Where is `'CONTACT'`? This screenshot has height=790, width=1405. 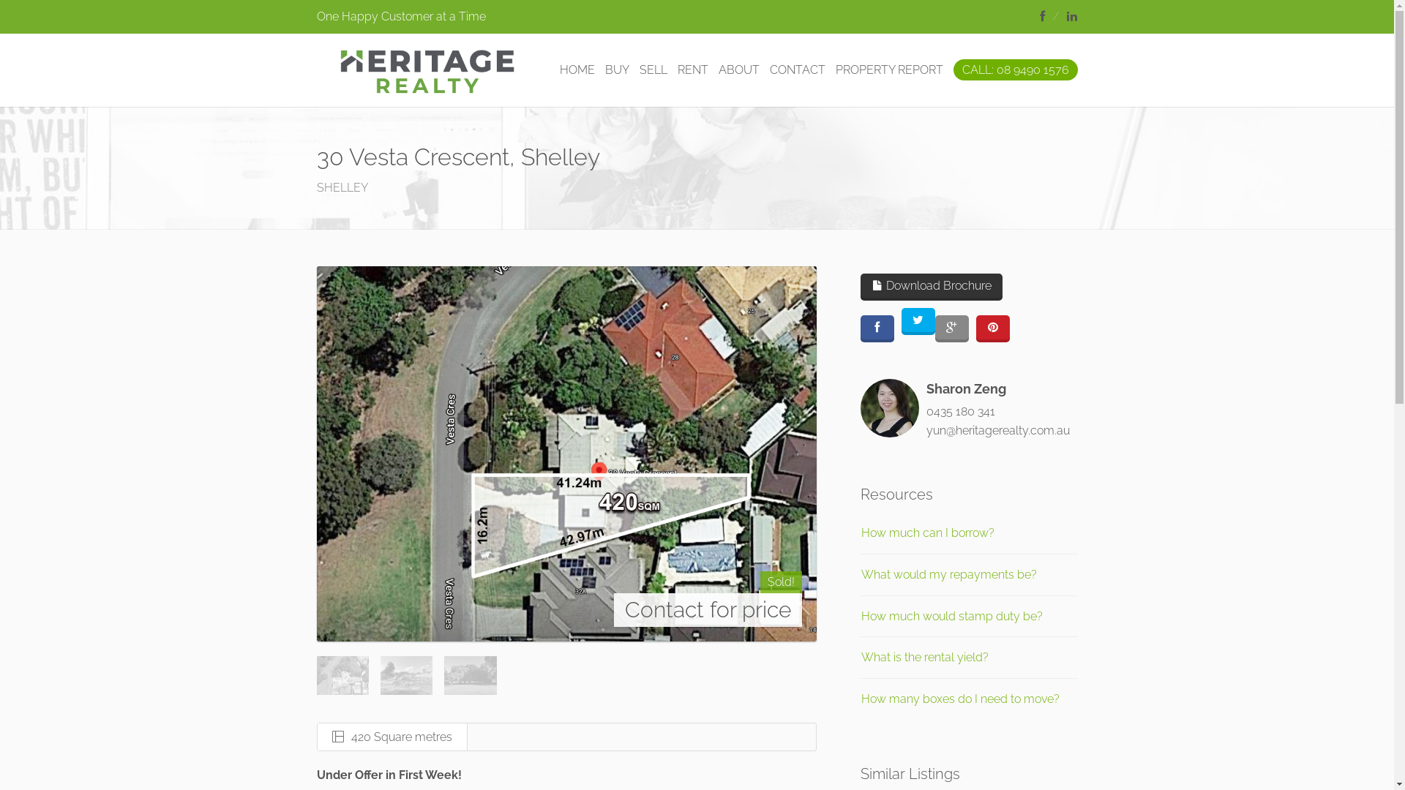
'CONTACT' is located at coordinates (796, 70).